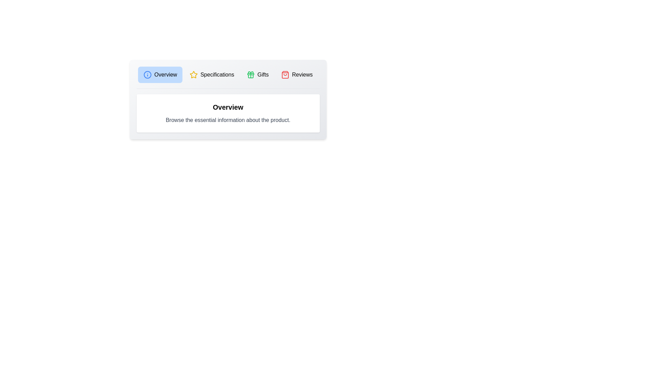 The image size is (656, 369). What do you see at coordinates (257, 75) in the screenshot?
I see `the tab labeled Gifts` at bounding box center [257, 75].